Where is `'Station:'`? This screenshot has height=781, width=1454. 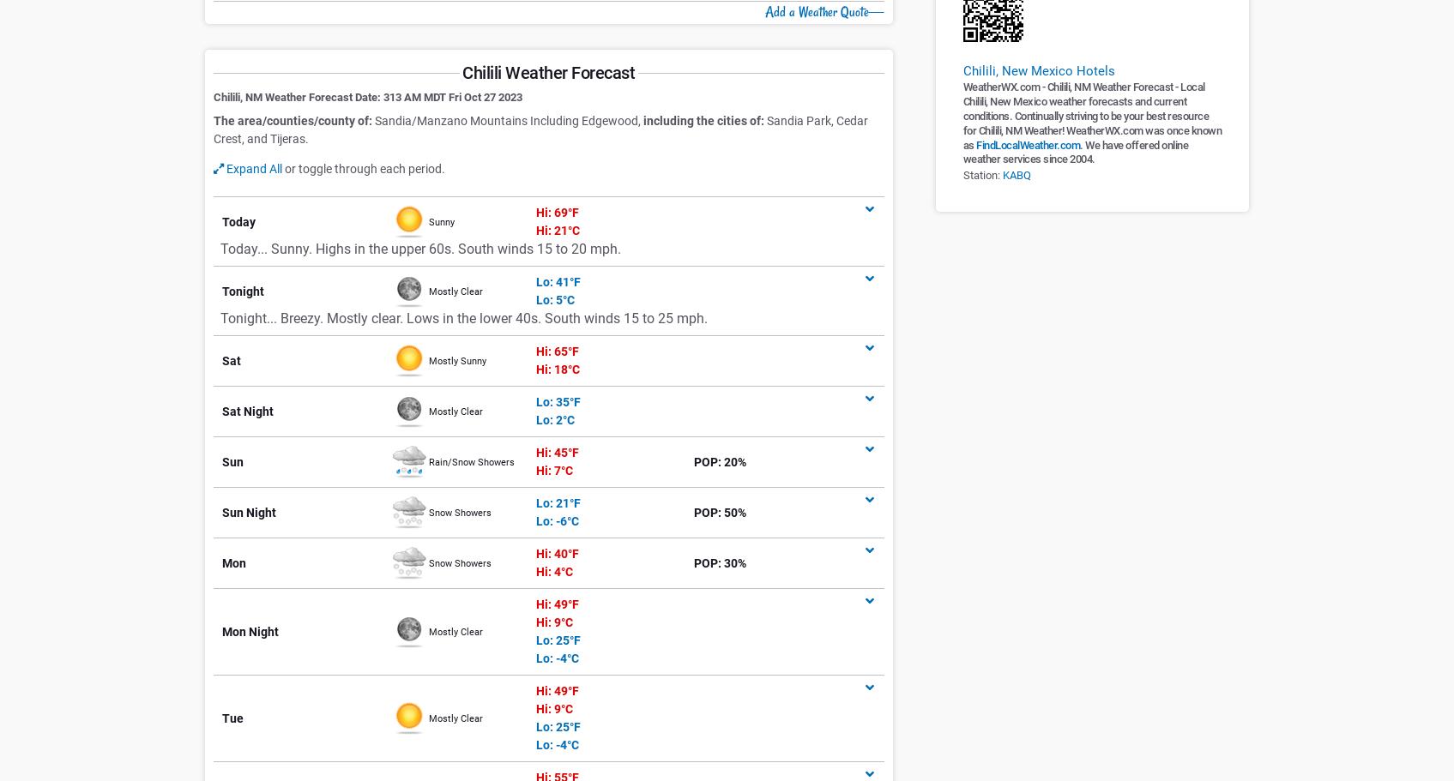
'Station:' is located at coordinates (980, 174).